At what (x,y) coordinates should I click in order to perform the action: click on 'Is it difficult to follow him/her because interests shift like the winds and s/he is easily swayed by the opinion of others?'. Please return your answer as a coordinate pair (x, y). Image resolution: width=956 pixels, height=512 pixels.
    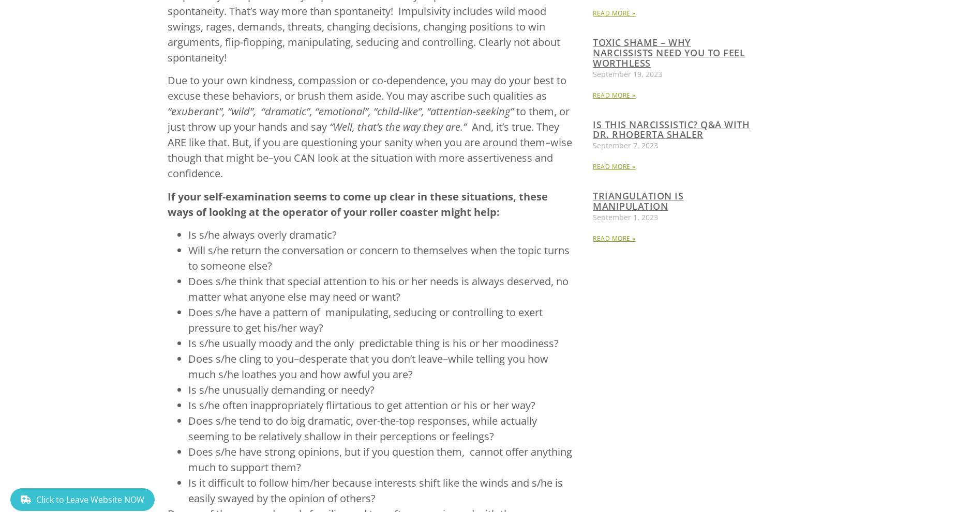
    Looking at the image, I should click on (375, 490).